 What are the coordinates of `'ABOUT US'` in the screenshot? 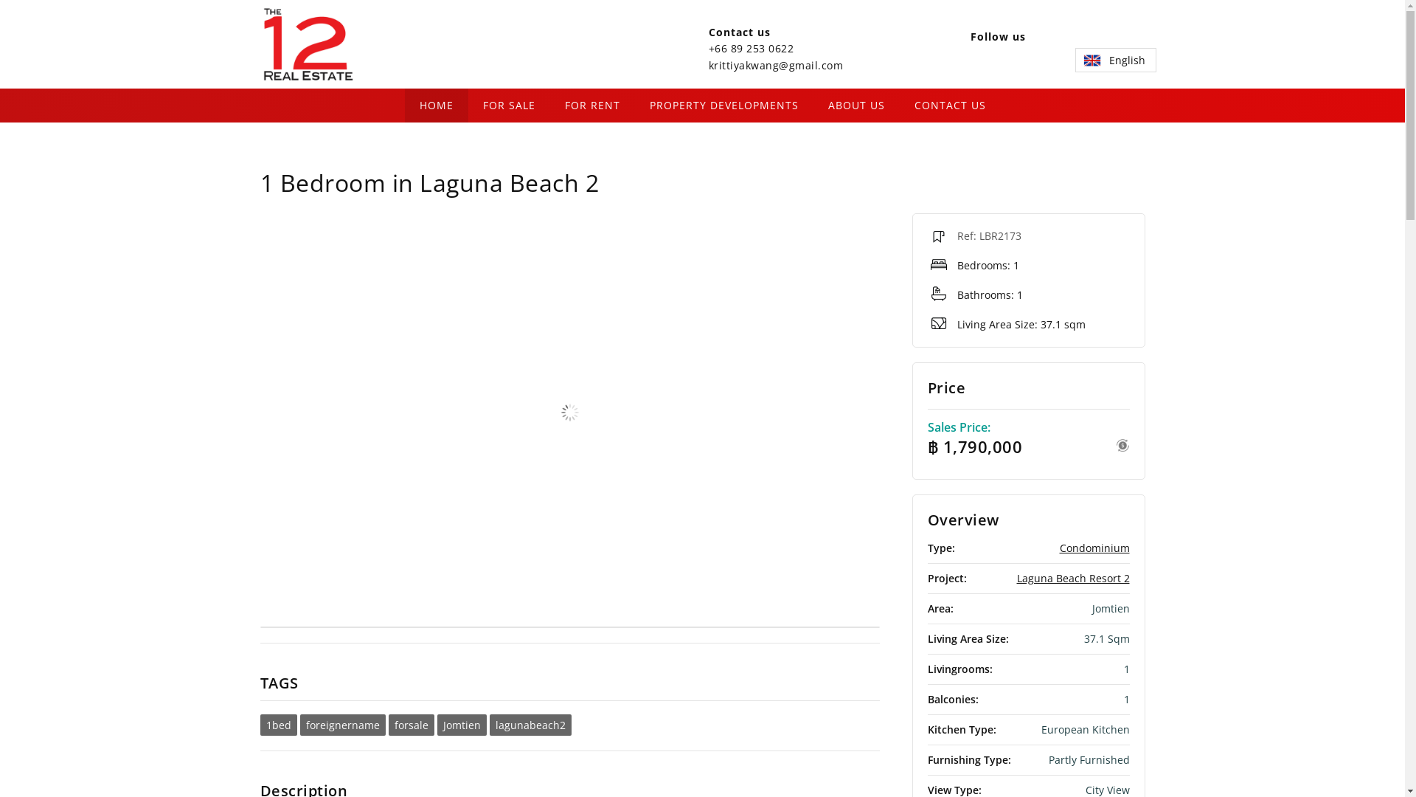 It's located at (812, 104).